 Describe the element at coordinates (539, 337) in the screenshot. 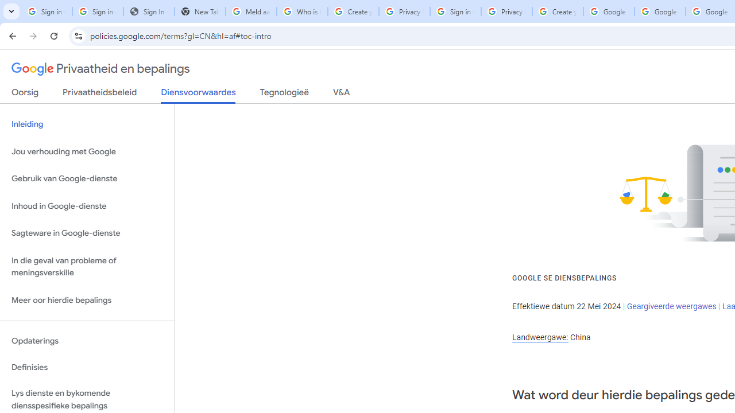

I see `'Landweergawe:'` at that location.